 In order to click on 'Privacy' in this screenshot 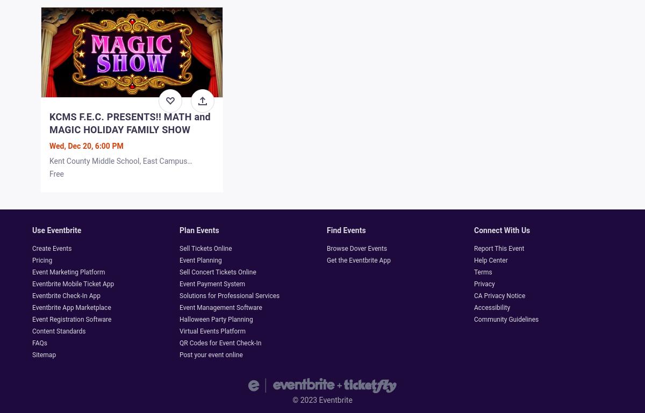, I will do `click(484, 284)`.